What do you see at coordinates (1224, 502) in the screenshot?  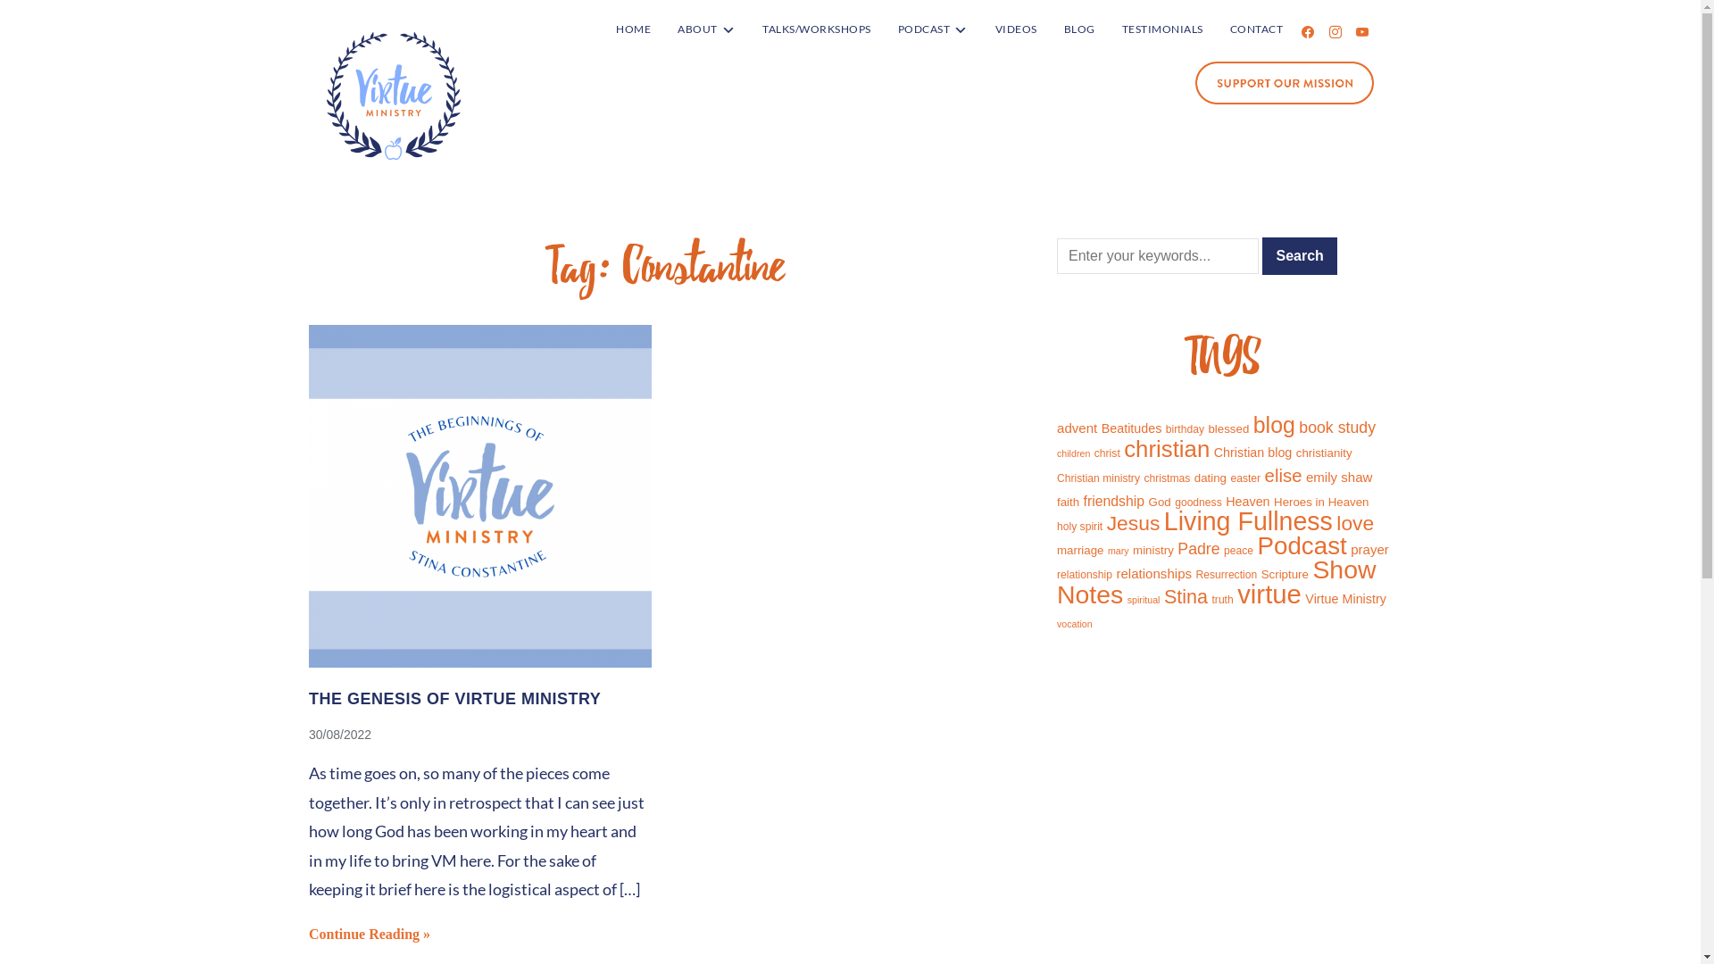 I see `'Heaven'` at bounding box center [1224, 502].